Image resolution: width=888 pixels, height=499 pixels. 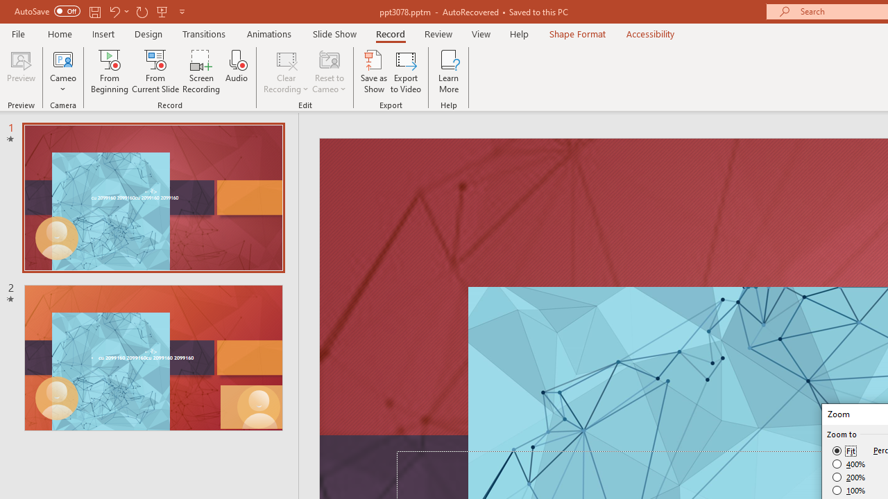 What do you see at coordinates (577, 33) in the screenshot?
I see `'Shape Format'` at bounding box center [577, 33].